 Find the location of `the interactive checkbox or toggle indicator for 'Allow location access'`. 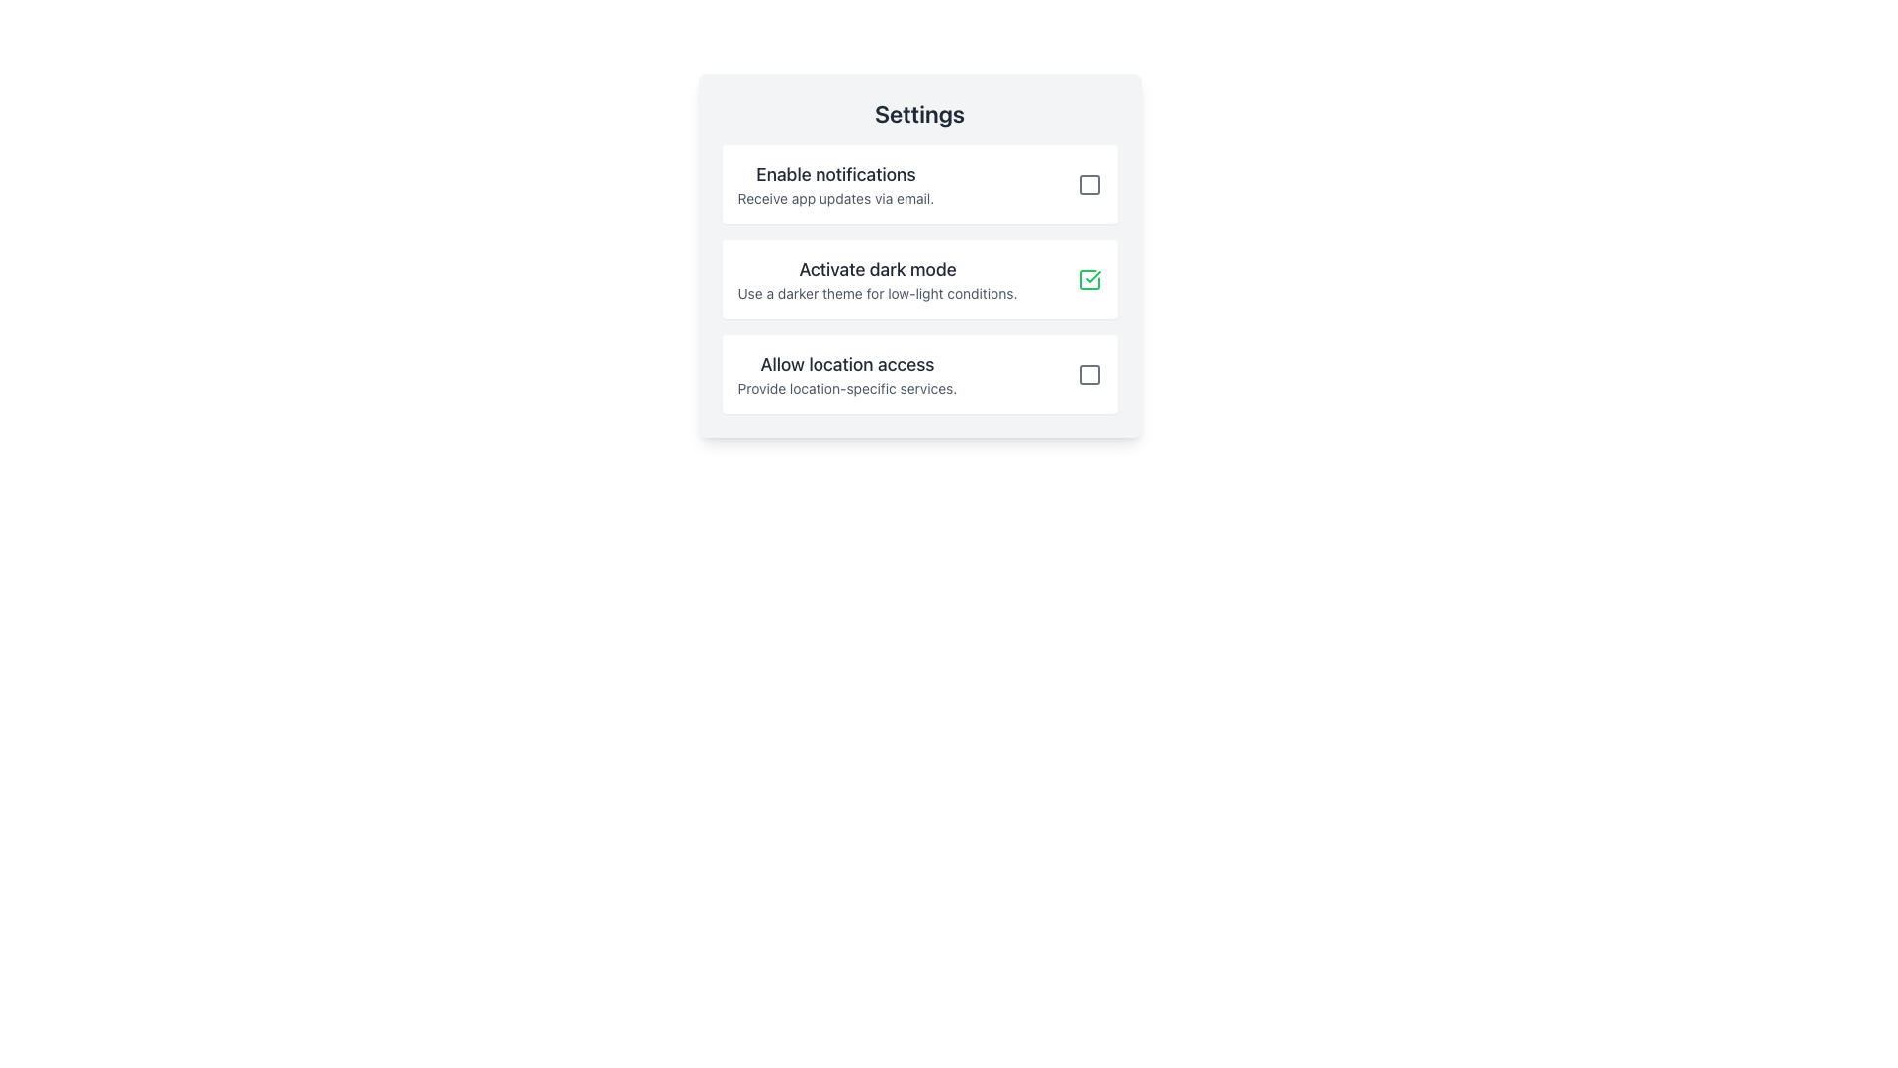

the interactive checkbox or toggle indicator for 'Allow location access' is located at coordinates (1088, 374).